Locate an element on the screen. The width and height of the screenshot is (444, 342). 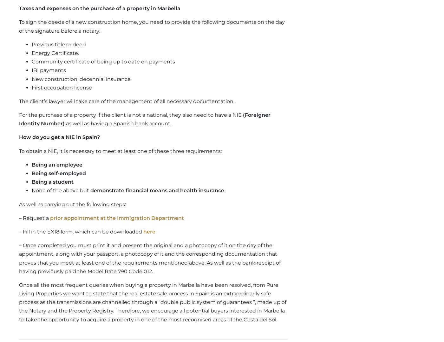
'(Foreigner Identity Number)' is located at coordinates (19, 119).